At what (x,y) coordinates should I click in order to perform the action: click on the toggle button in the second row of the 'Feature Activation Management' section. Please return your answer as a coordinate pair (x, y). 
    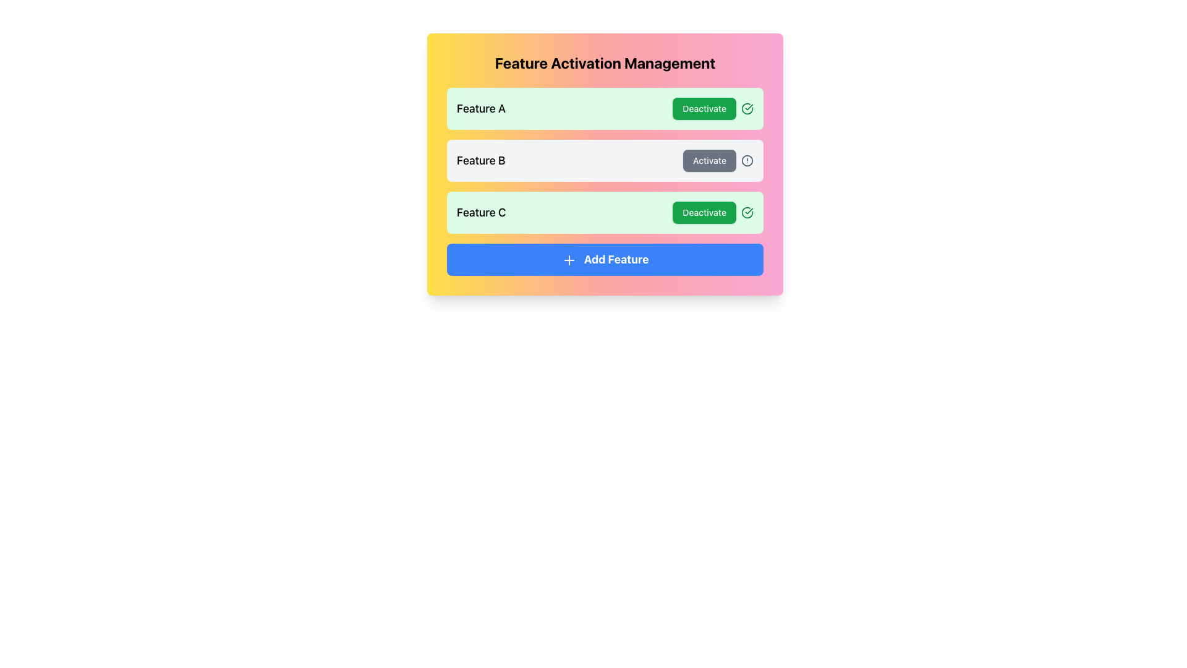
    Looking at the image, I should click on (605, 160).